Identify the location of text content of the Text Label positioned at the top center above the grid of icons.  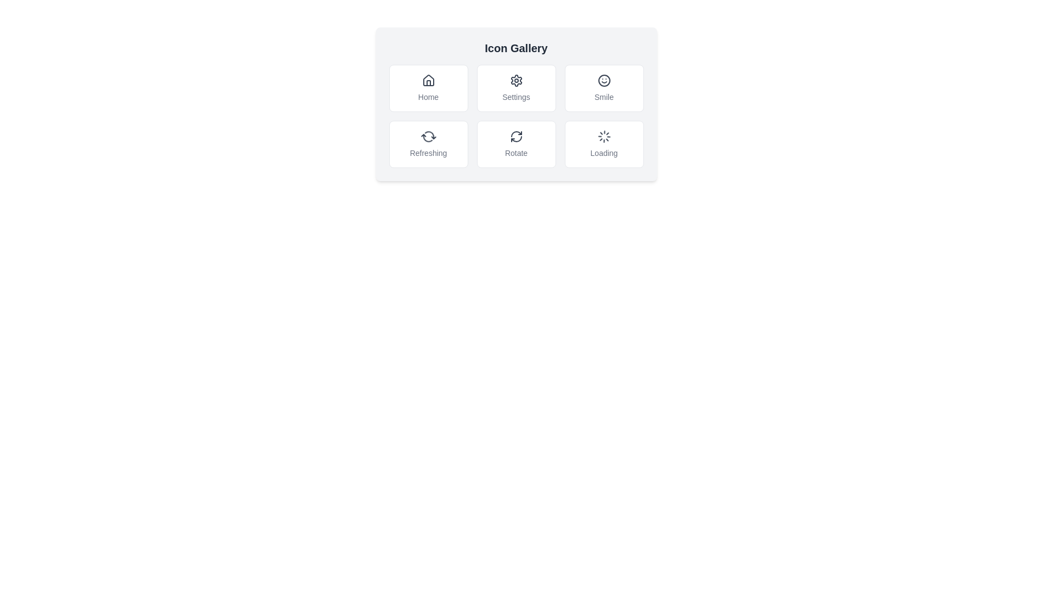
(515, 48).